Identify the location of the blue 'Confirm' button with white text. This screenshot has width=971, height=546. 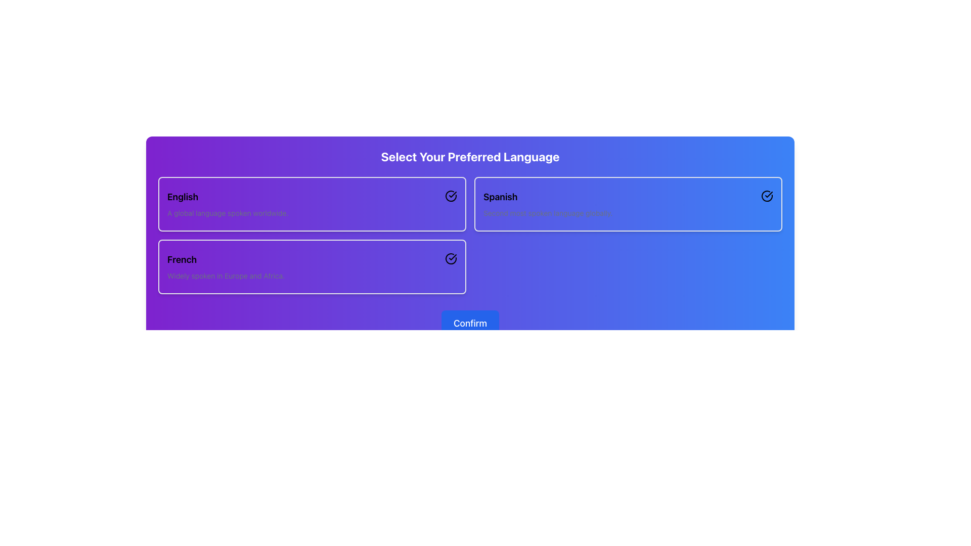
(470, 324).